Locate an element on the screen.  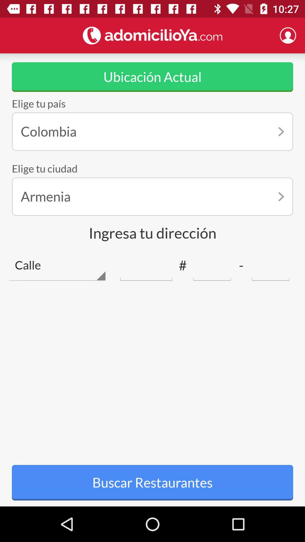
telephone number is located at coordinates (212, 265).